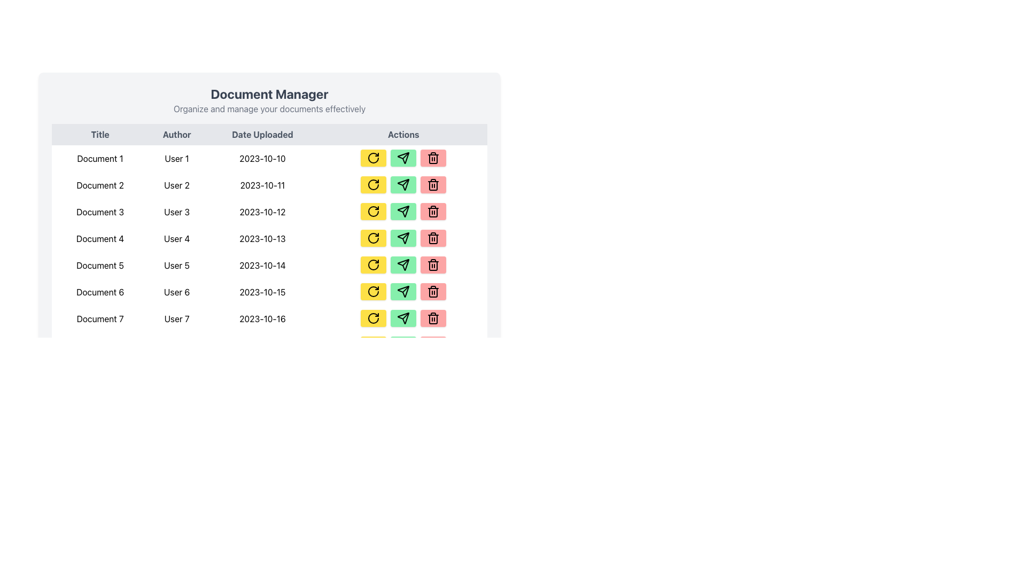 The height and width of the screenshot is (577, 1026). I want to click on the rotation or reload icon in the Actions column of the fifth row for Document 5, so click(374, 264).